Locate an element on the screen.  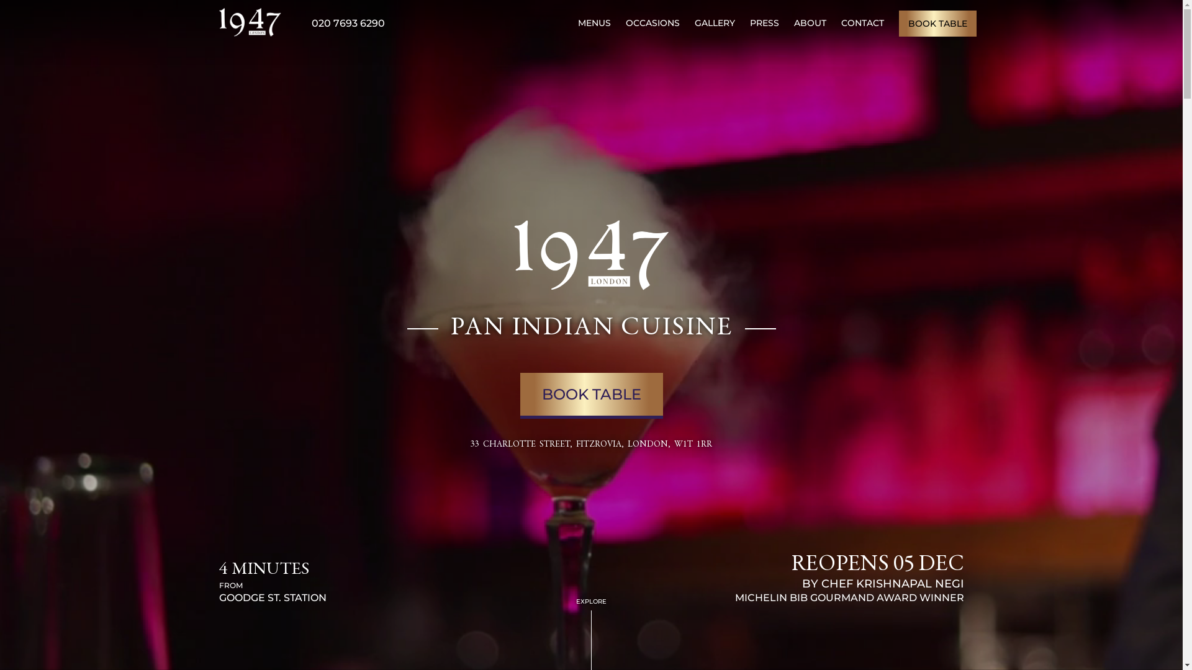
'020 7693 6290' is located at coordinates (348, 23).